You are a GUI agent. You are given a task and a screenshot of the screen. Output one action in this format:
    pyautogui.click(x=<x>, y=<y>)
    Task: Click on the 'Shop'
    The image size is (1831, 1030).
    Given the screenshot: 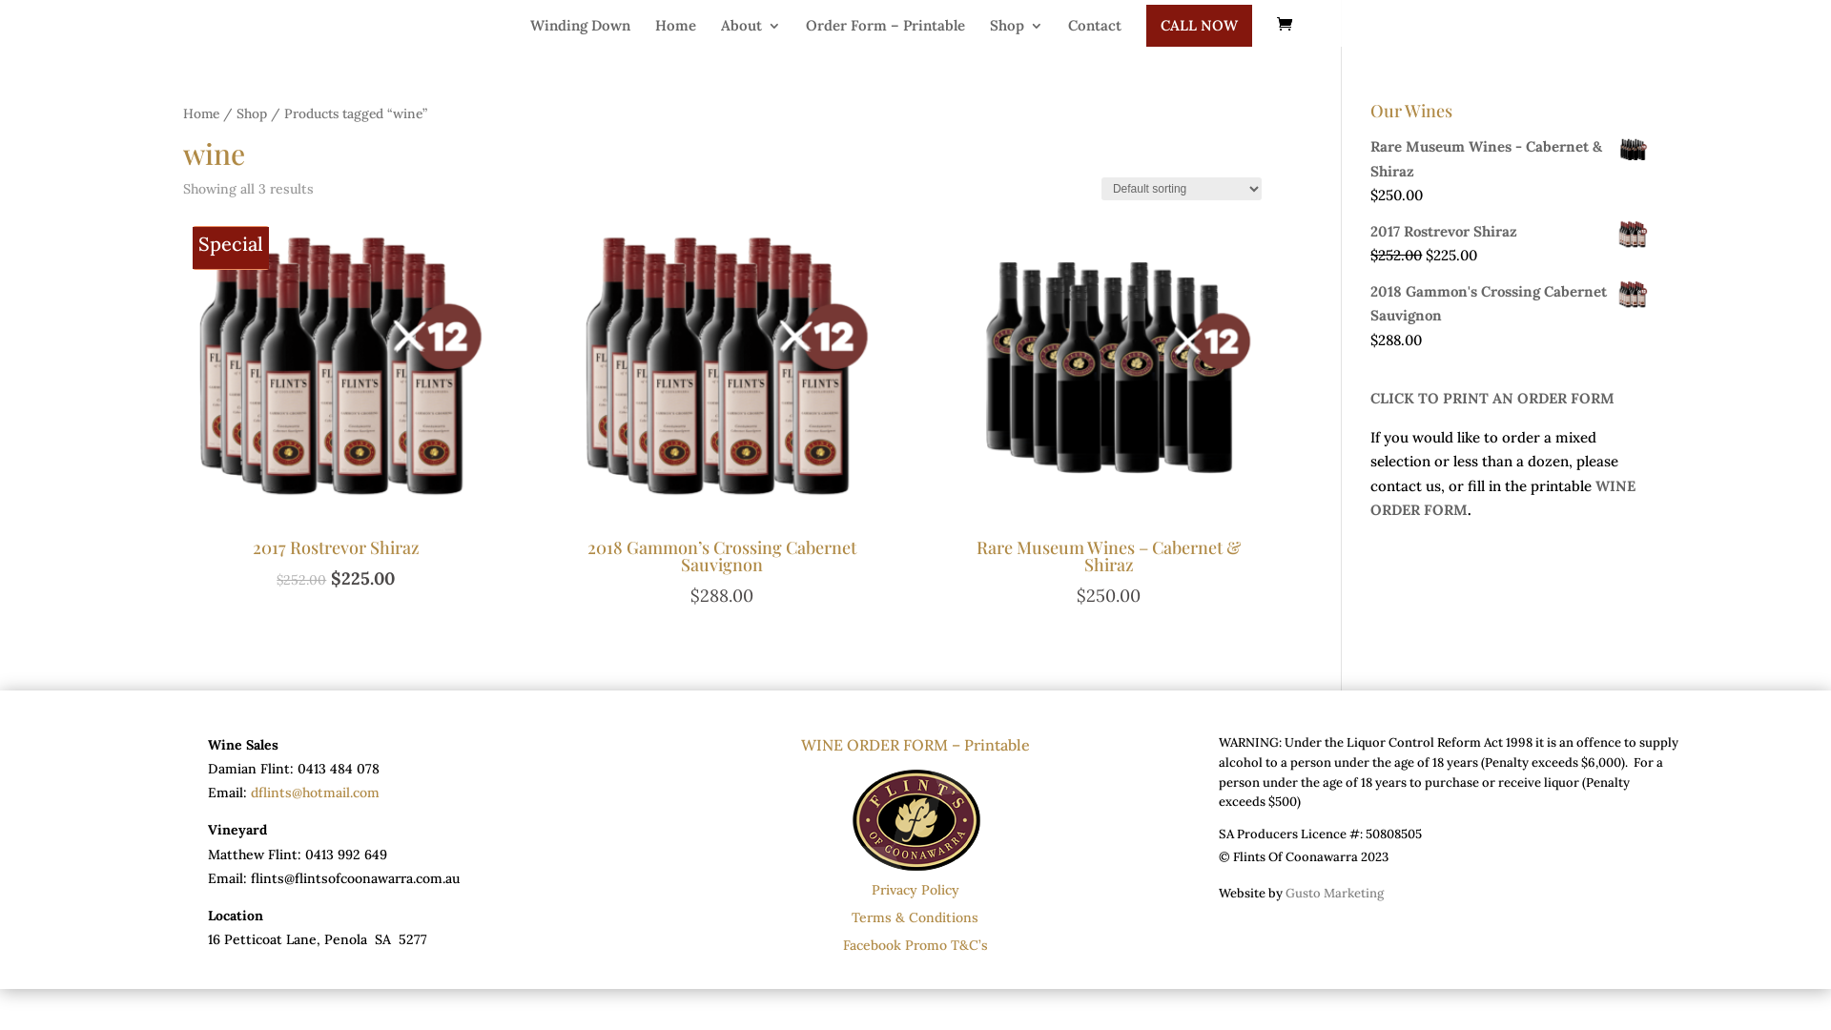 What is the action you would take?
    pyautogui.click(x=236, y=113)
    